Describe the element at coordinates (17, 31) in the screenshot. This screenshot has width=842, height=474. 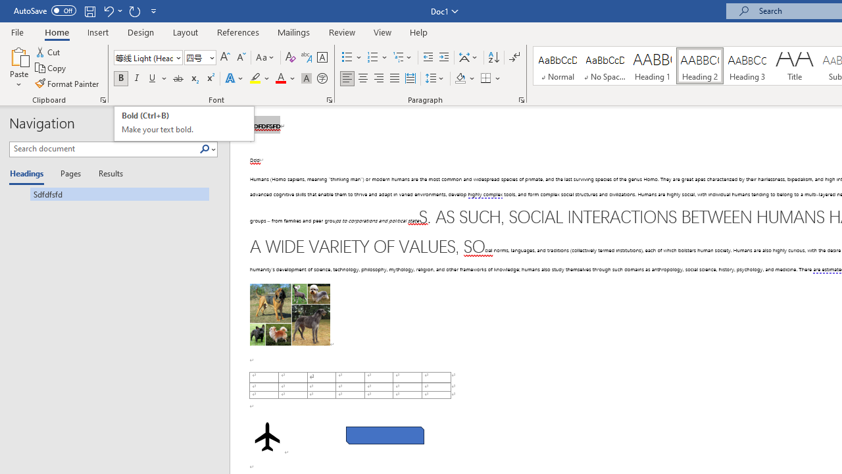
I see `'File Tab'` at that location.